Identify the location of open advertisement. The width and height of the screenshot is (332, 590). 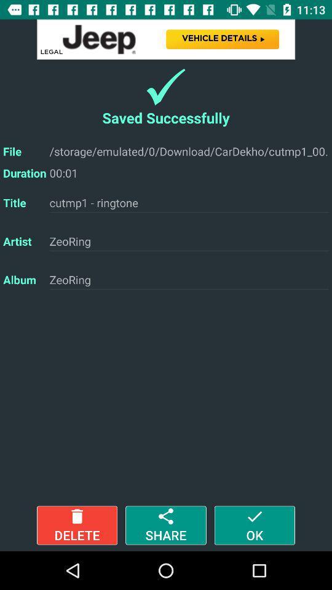
(166, 39).